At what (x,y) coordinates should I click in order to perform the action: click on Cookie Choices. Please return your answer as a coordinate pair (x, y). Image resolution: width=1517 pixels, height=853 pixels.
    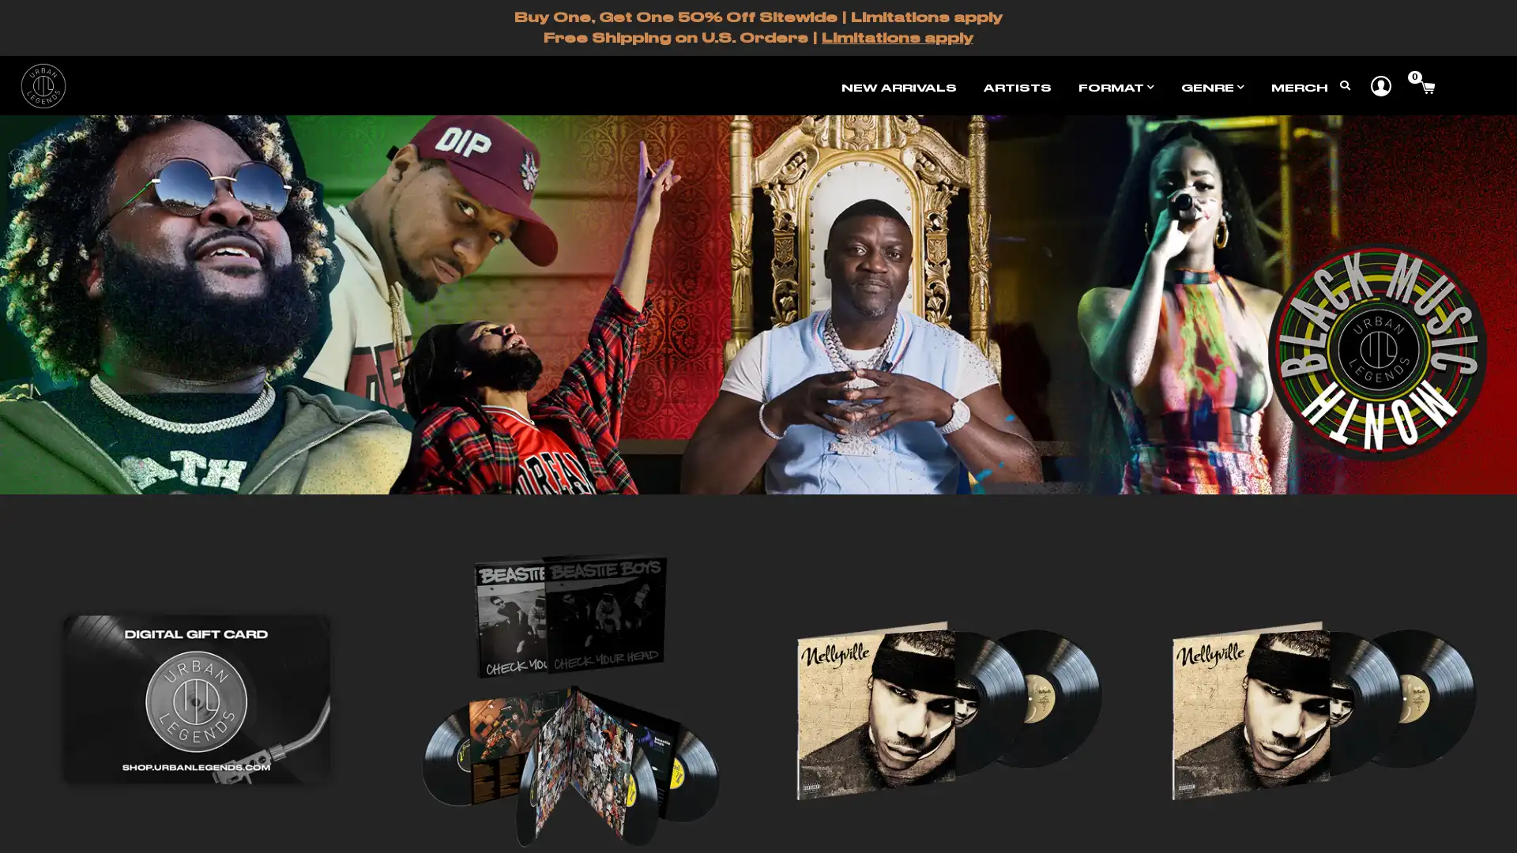
    Looking at the image, I should click on (815, 825).